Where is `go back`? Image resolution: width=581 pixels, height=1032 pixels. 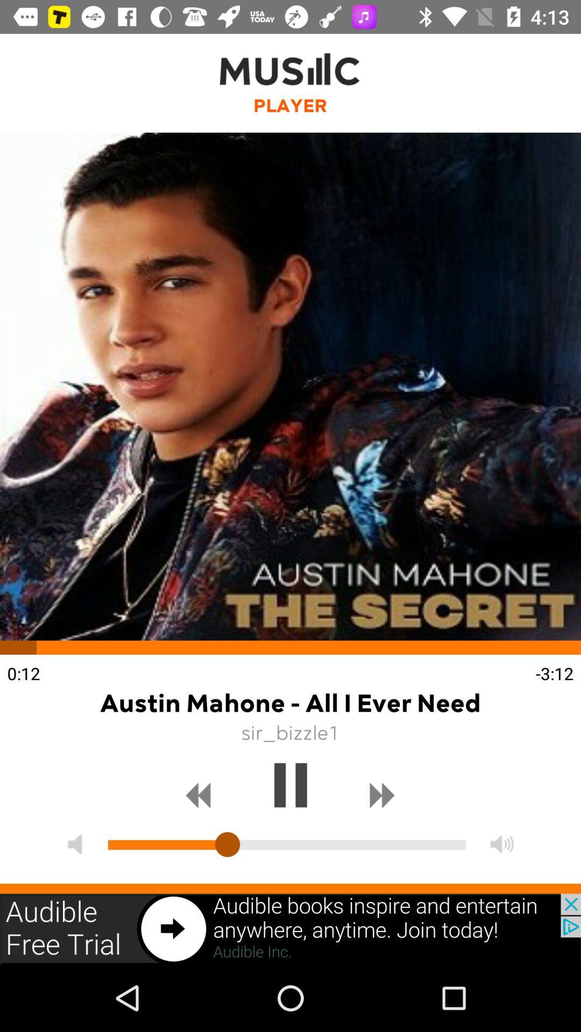
go back is located at coordinates (199, 795).